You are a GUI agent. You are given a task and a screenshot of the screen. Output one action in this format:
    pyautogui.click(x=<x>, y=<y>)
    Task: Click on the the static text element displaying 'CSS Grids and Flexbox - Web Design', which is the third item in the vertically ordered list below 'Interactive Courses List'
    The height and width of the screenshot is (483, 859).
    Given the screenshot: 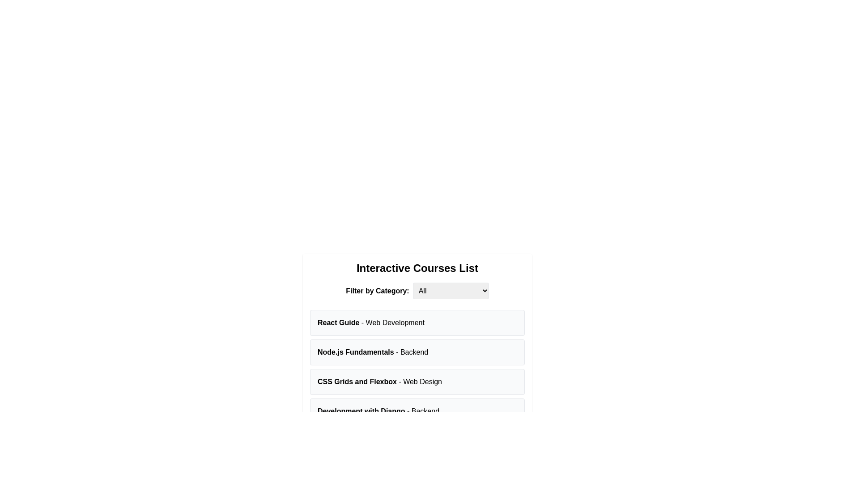 What is the action you would take?
    pyautogui.click(x=380, y=381)
    